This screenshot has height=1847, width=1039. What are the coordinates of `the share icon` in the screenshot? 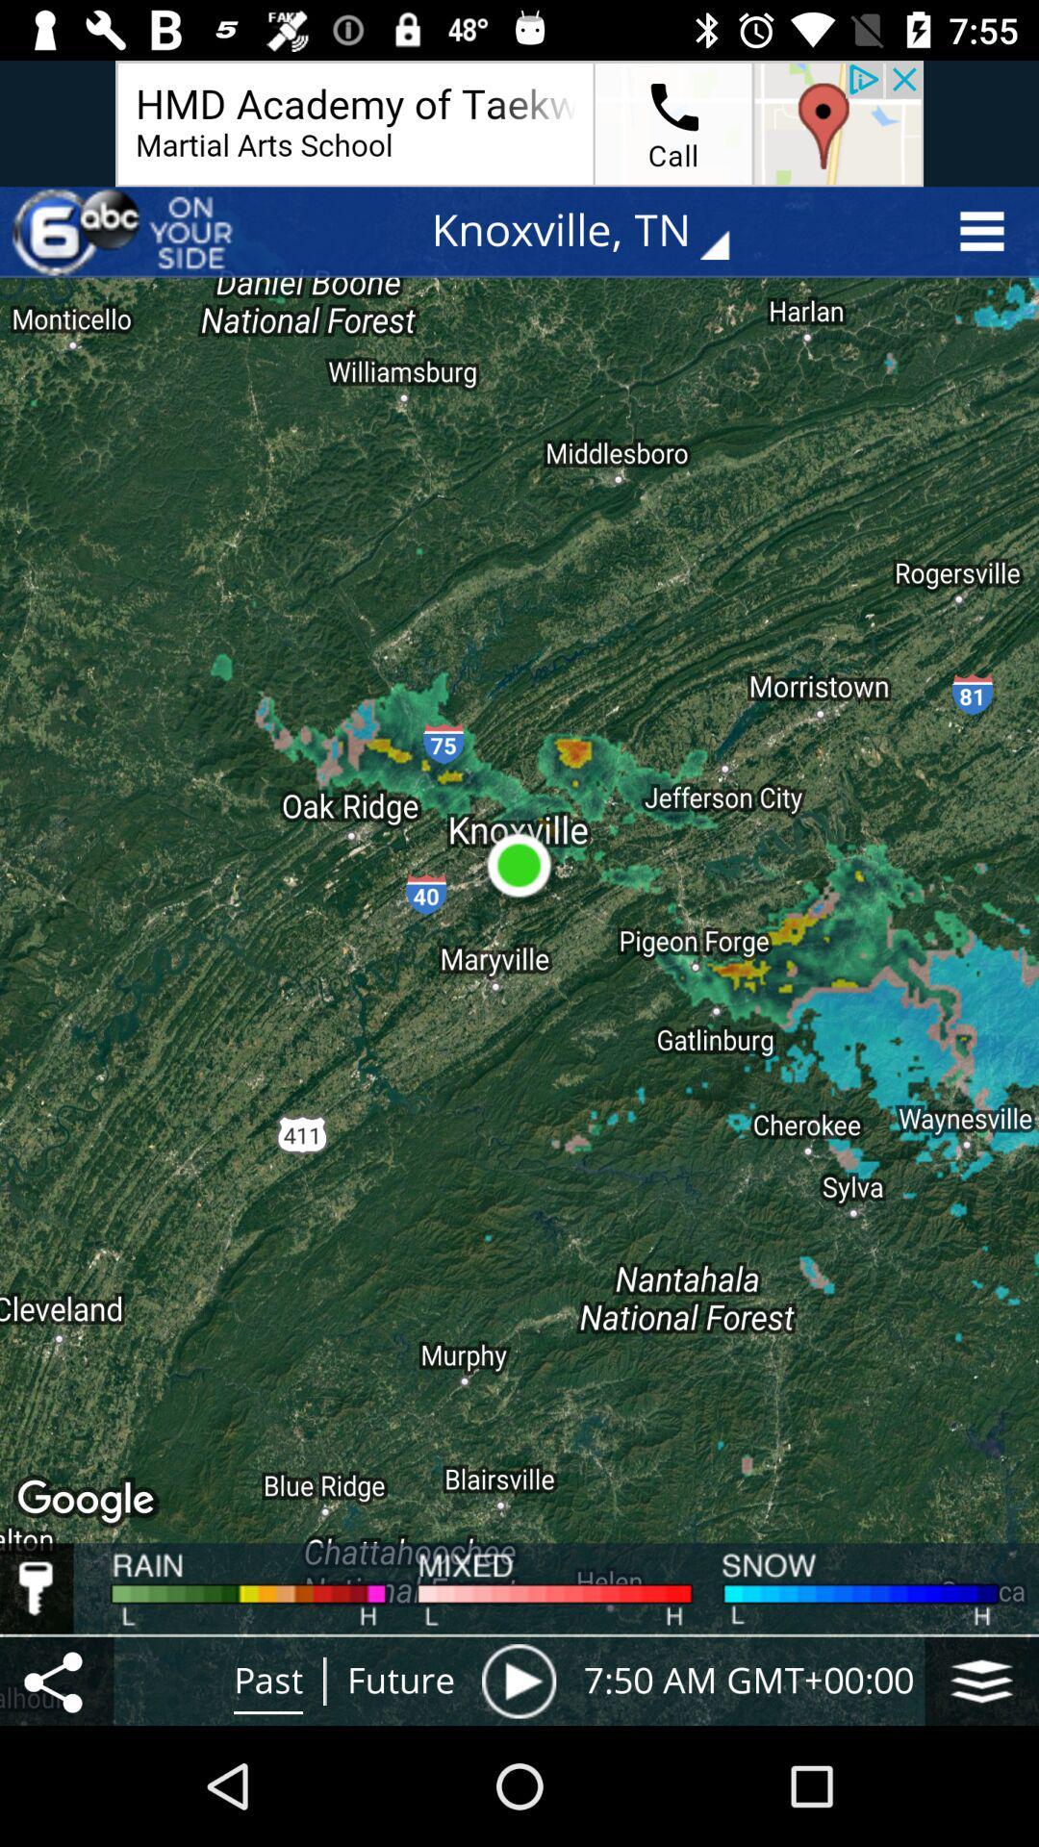 It's located at (56, 1680).